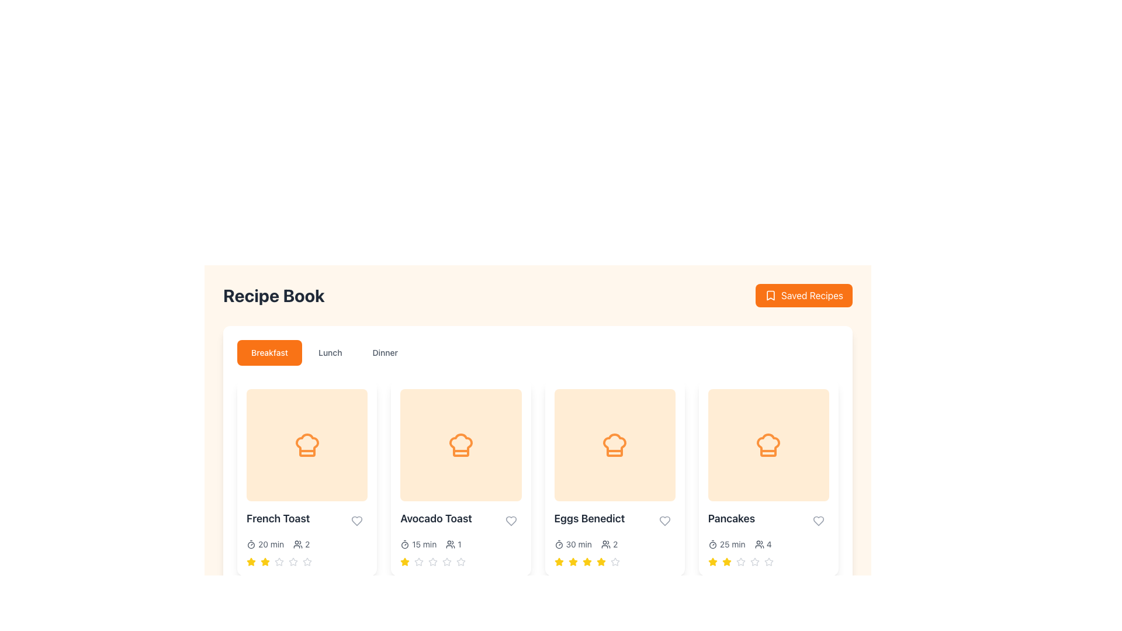  Describe the element at coordinates (768, 561) in the screenshot. I see `the rating stars display for the 'Pancakes' recipe, located at the bottom section of the 'Pancakes' card under the text '25 min 4'` at that location.